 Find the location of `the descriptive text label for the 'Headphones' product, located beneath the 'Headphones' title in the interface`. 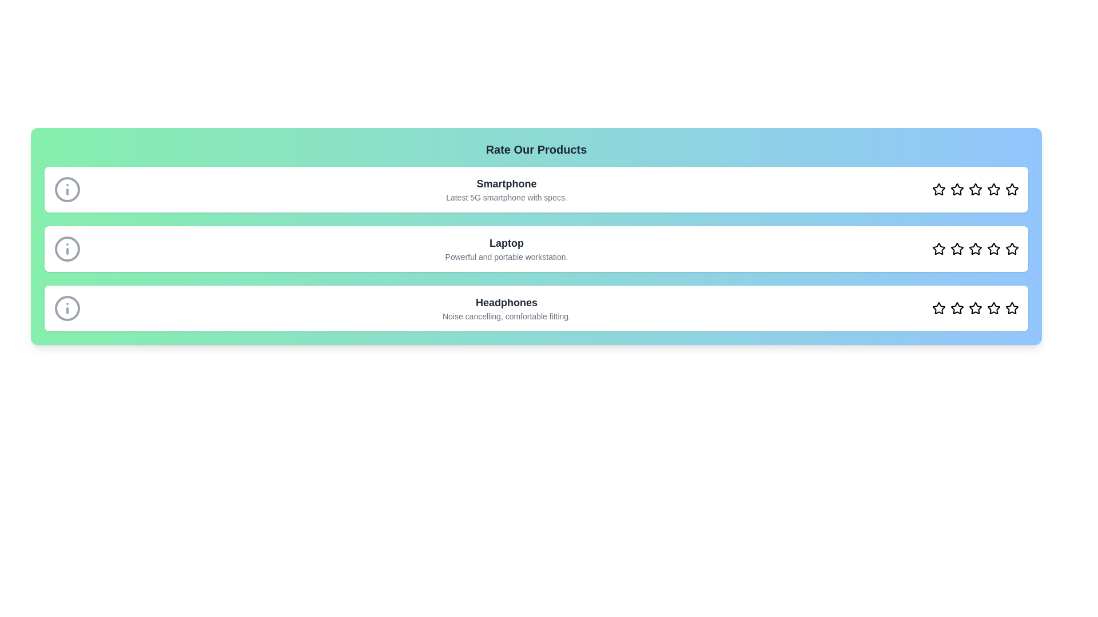

the descriptive text label for the 'Headphones' product, located beneath the 'Headphones' title in the interface is located at coordinates (506, 316).